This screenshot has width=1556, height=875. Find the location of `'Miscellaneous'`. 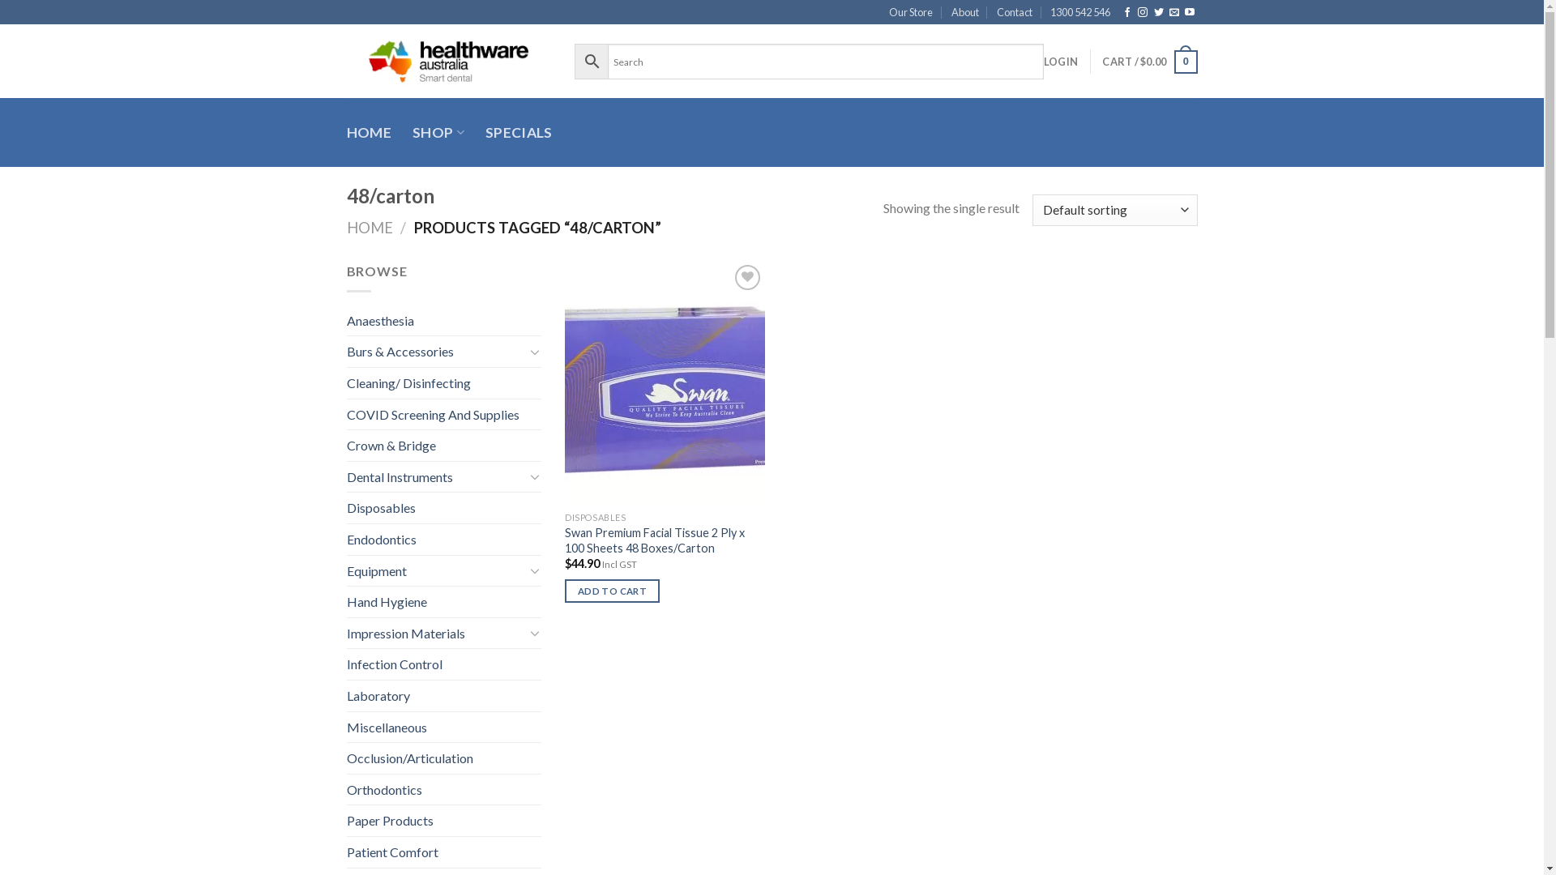

'Miscellaneous' is located at coordinates (443, 727).